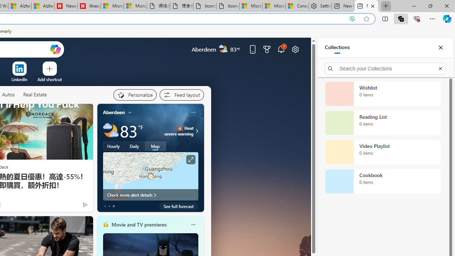 This screenshot has width=455, height=256. What do you see at coordinates (110, 131) in the screenshot?
I see `'Partly cloudy'` at bounding box center [110, 131].